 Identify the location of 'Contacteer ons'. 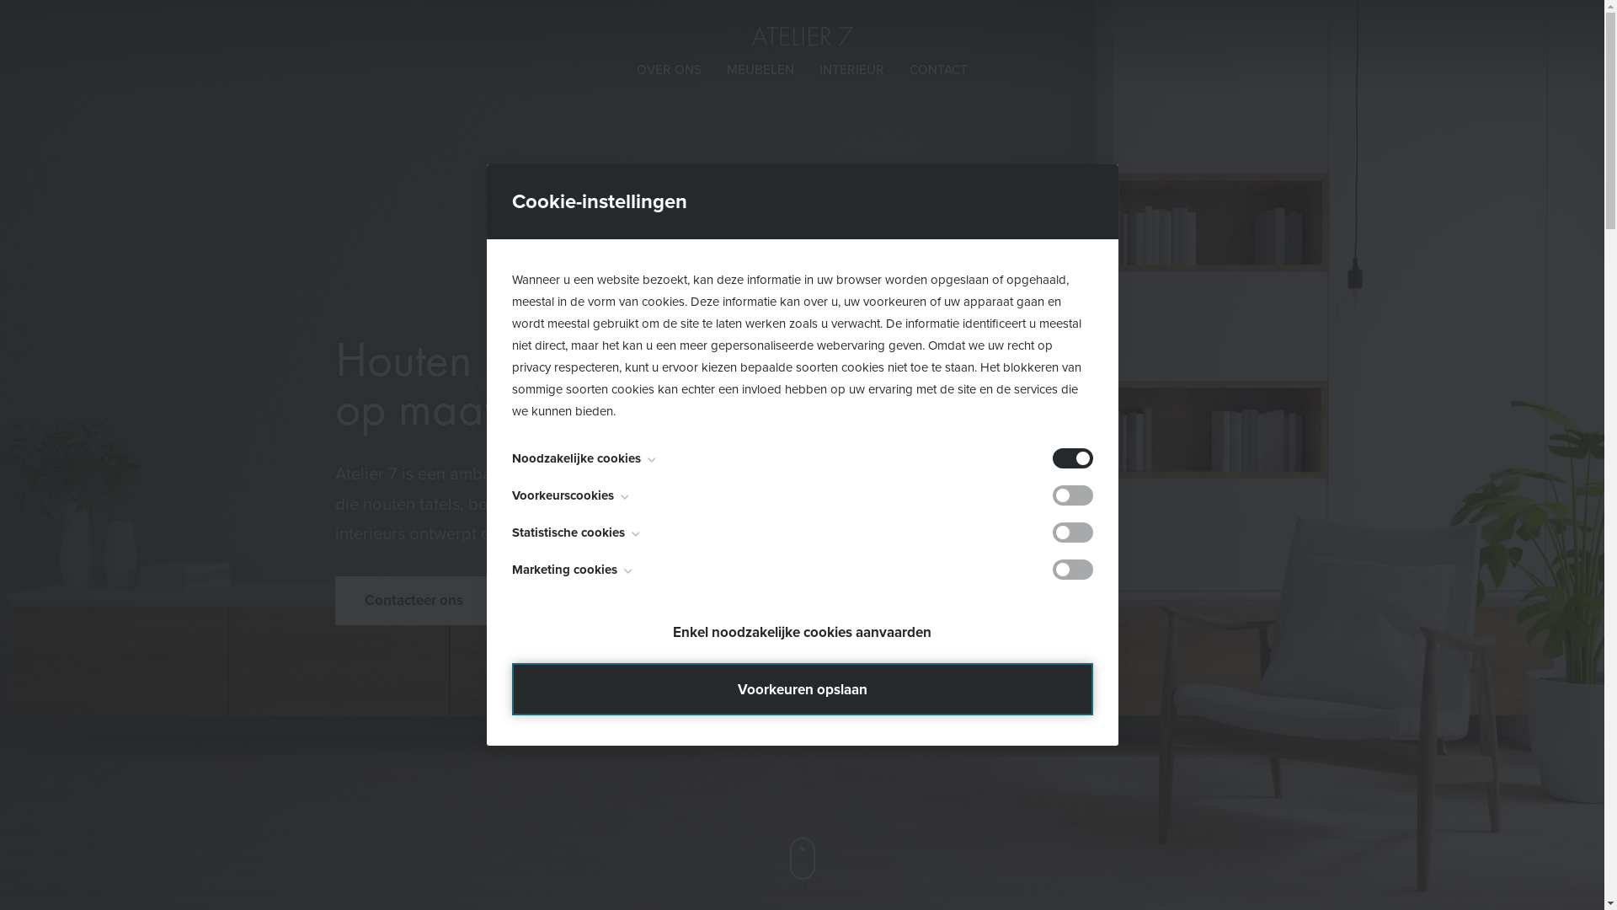
(414, 600).